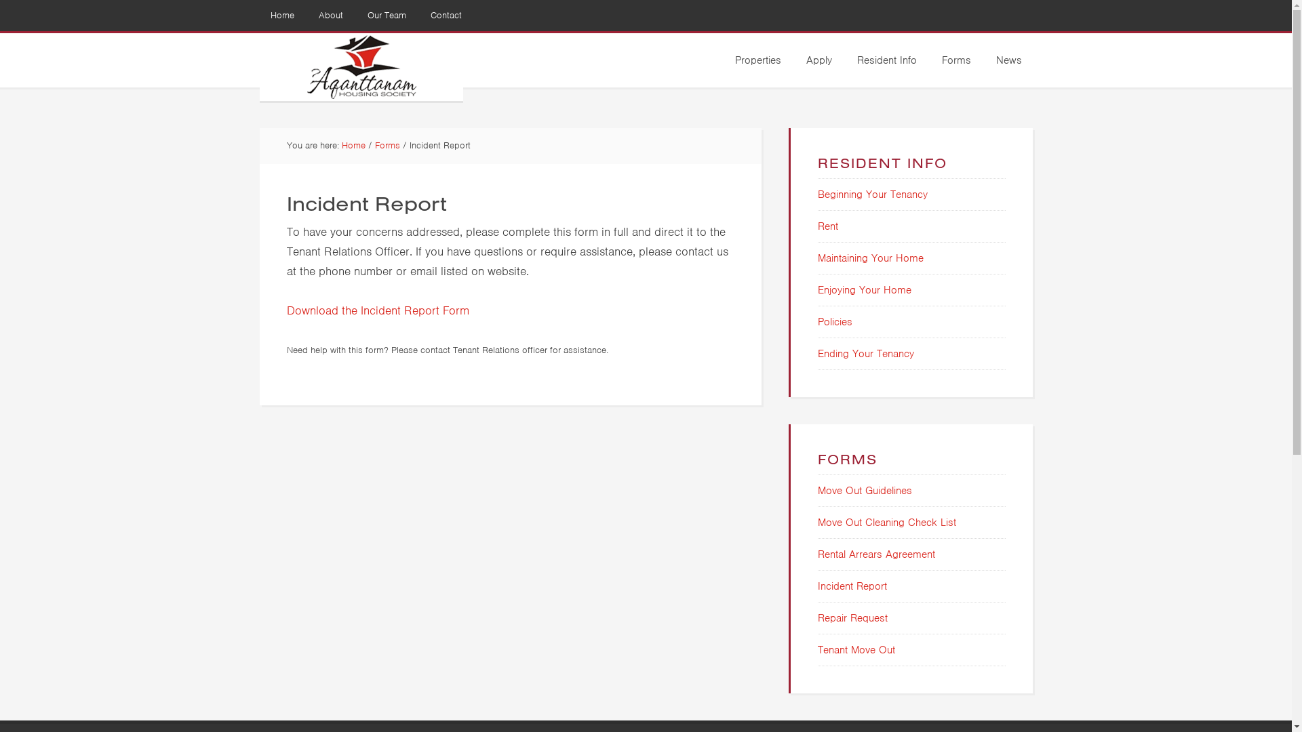  What do you see at coordinates (1008, 59) in the screenshot?
I see `'News'` at bounding box center [1008, 59].